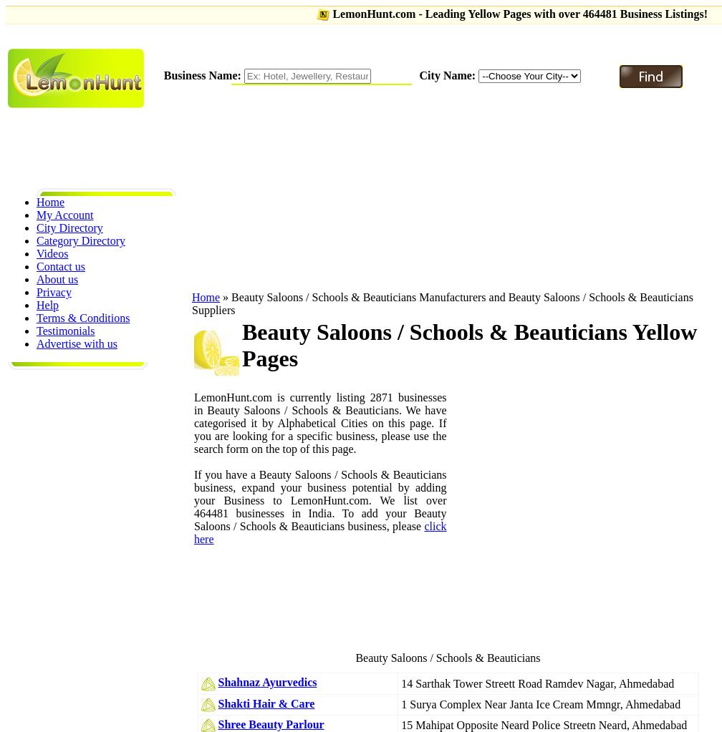 Image resolution: width=722 pixels, height=732 pixels. Describe the element at coordinates (540, 703) in the screenshot. I see `'1 Surya Complex Near Janta Ice Cream Mmngr, Ahmedabad'` at that location.